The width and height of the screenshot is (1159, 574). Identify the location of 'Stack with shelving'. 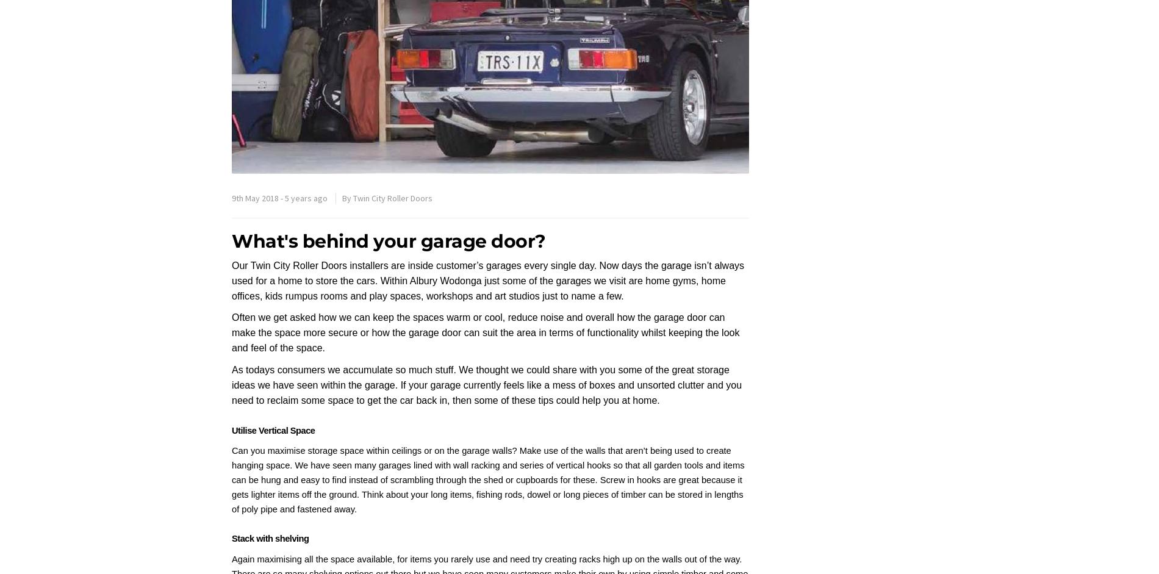
(270, 539).